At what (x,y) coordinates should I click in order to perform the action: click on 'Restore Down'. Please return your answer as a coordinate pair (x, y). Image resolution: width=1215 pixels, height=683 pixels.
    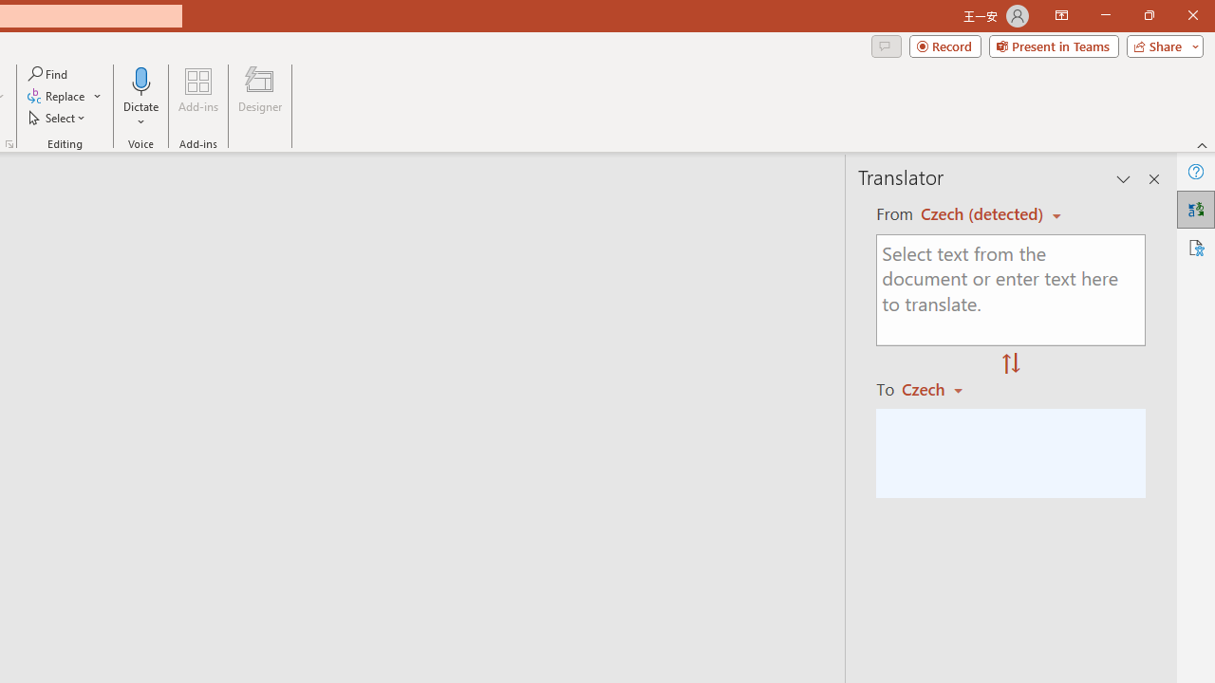
    Looking at the image, I should click on (1148, 15).